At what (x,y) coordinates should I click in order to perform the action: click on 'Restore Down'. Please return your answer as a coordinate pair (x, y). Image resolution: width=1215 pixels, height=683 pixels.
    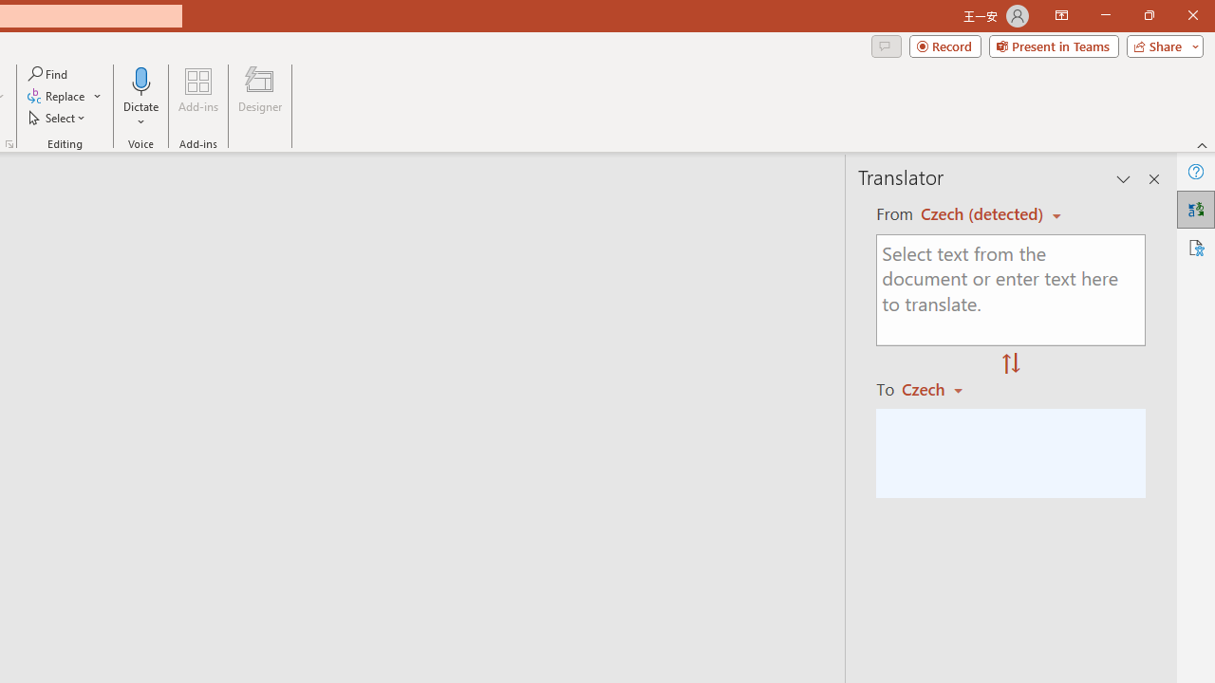
    Looking at the image, I should click on (1148, 15).